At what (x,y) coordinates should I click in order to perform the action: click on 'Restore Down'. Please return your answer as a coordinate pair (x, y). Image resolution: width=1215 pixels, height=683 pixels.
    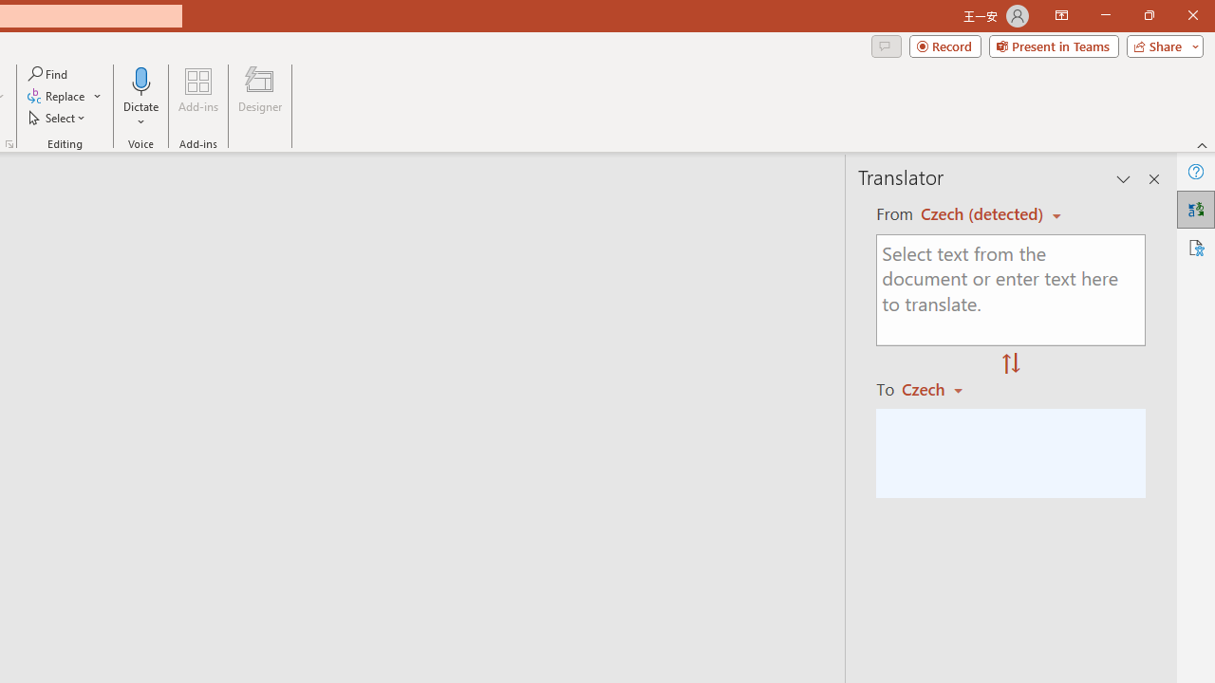
    Looking at the image, I should click on (1148, 15).